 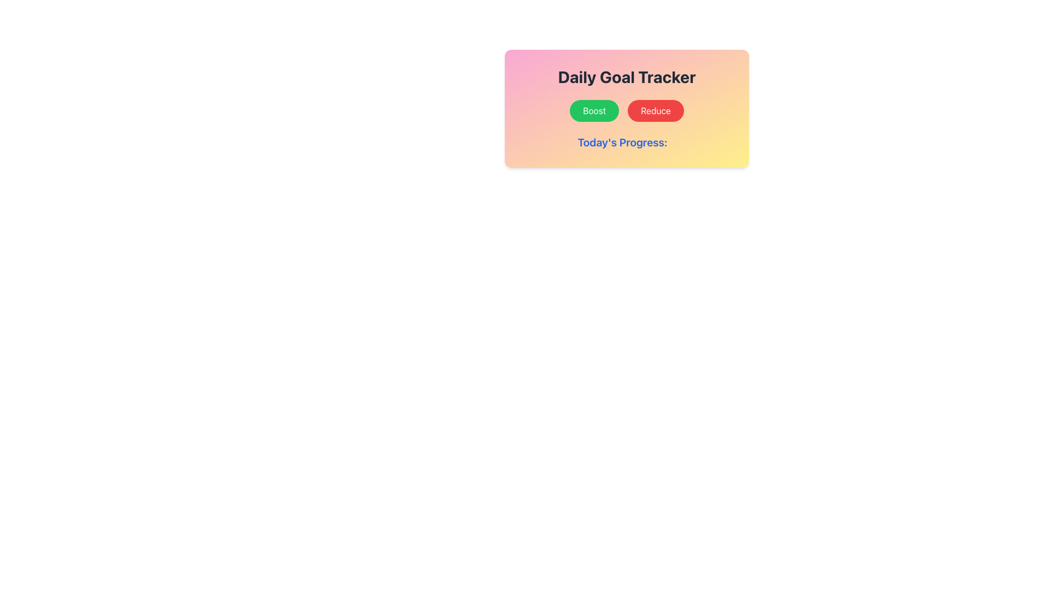 What do you see at coordinates (656, 111) in the screenshot?
I see `the 'Reduce' button, which is the rightmost button in the 'Daily Goal Tracker' section` at bounding box center [656, 111].